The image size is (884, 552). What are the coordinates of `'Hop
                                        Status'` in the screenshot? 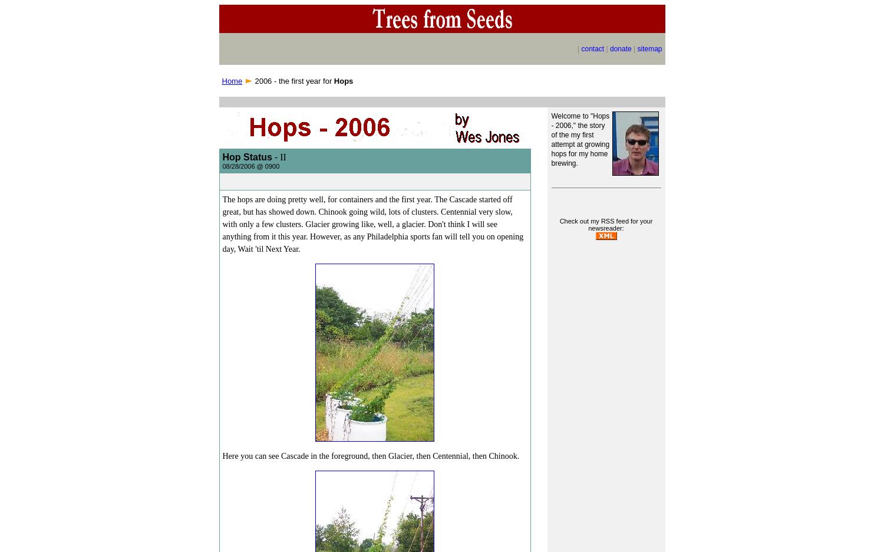 It's located at (246, 156).